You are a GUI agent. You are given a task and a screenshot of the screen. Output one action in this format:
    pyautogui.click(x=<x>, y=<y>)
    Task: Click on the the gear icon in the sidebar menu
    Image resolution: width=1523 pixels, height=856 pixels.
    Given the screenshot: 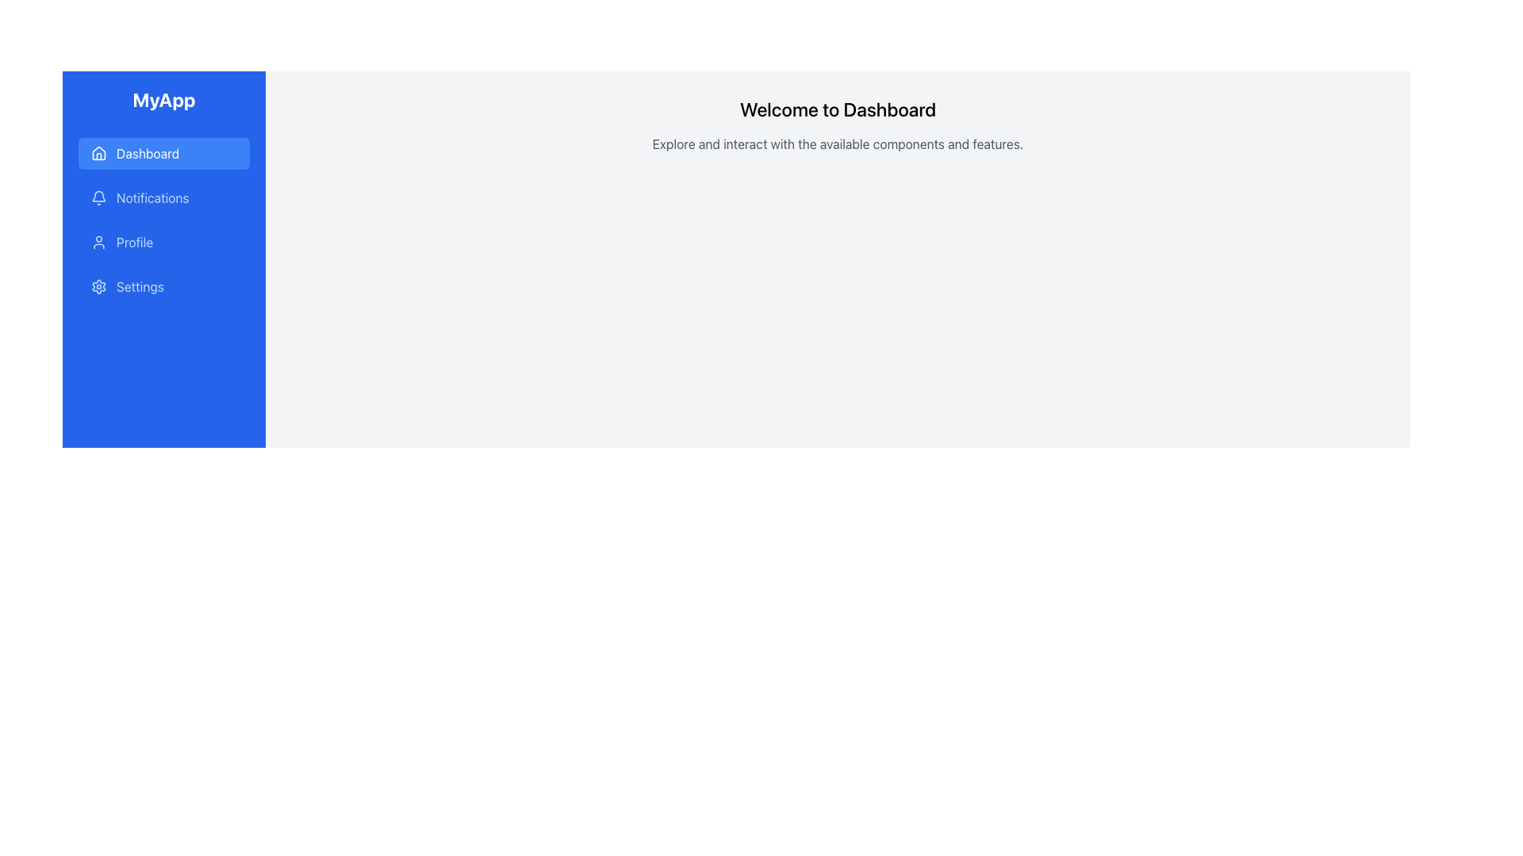 What is the action you would take?
    pyautogui.click(x=98, y=287)
    